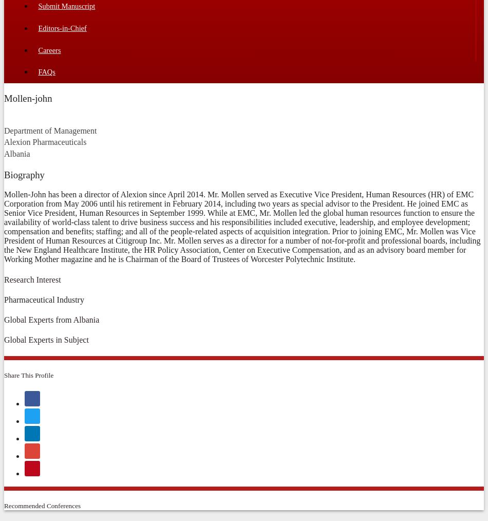 The image size is (488, 521). I want to click on 'Alexion Pharmaceuticals', so click(45, 142).